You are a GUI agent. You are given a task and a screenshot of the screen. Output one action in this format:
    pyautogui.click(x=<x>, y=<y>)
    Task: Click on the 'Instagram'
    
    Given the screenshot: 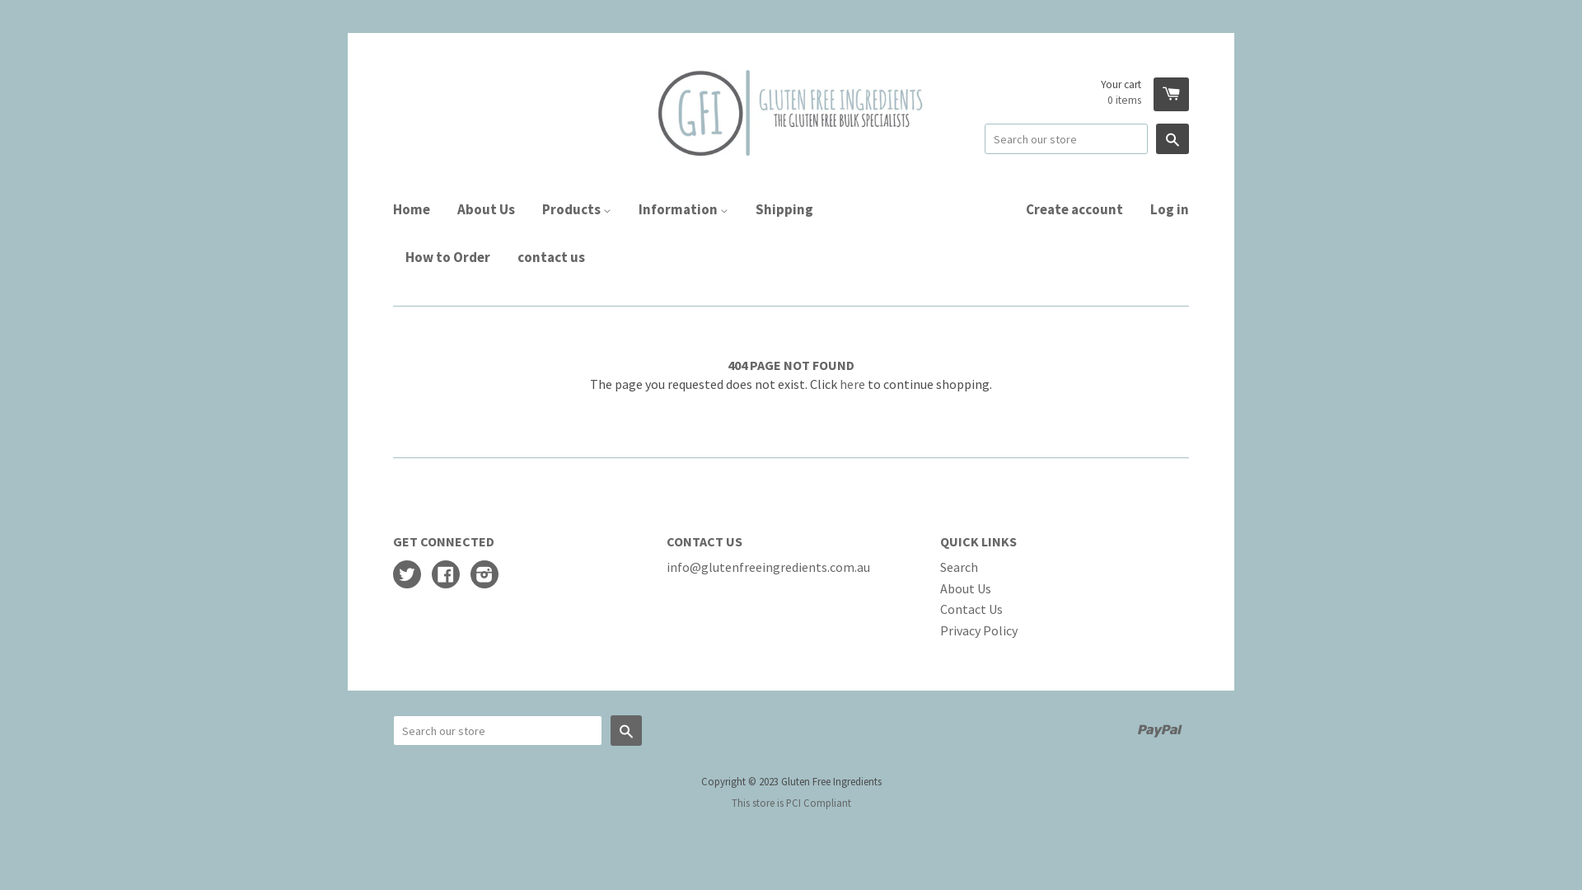 What is the action you would take?
    pyautogui.click(x=484, y=574)
    